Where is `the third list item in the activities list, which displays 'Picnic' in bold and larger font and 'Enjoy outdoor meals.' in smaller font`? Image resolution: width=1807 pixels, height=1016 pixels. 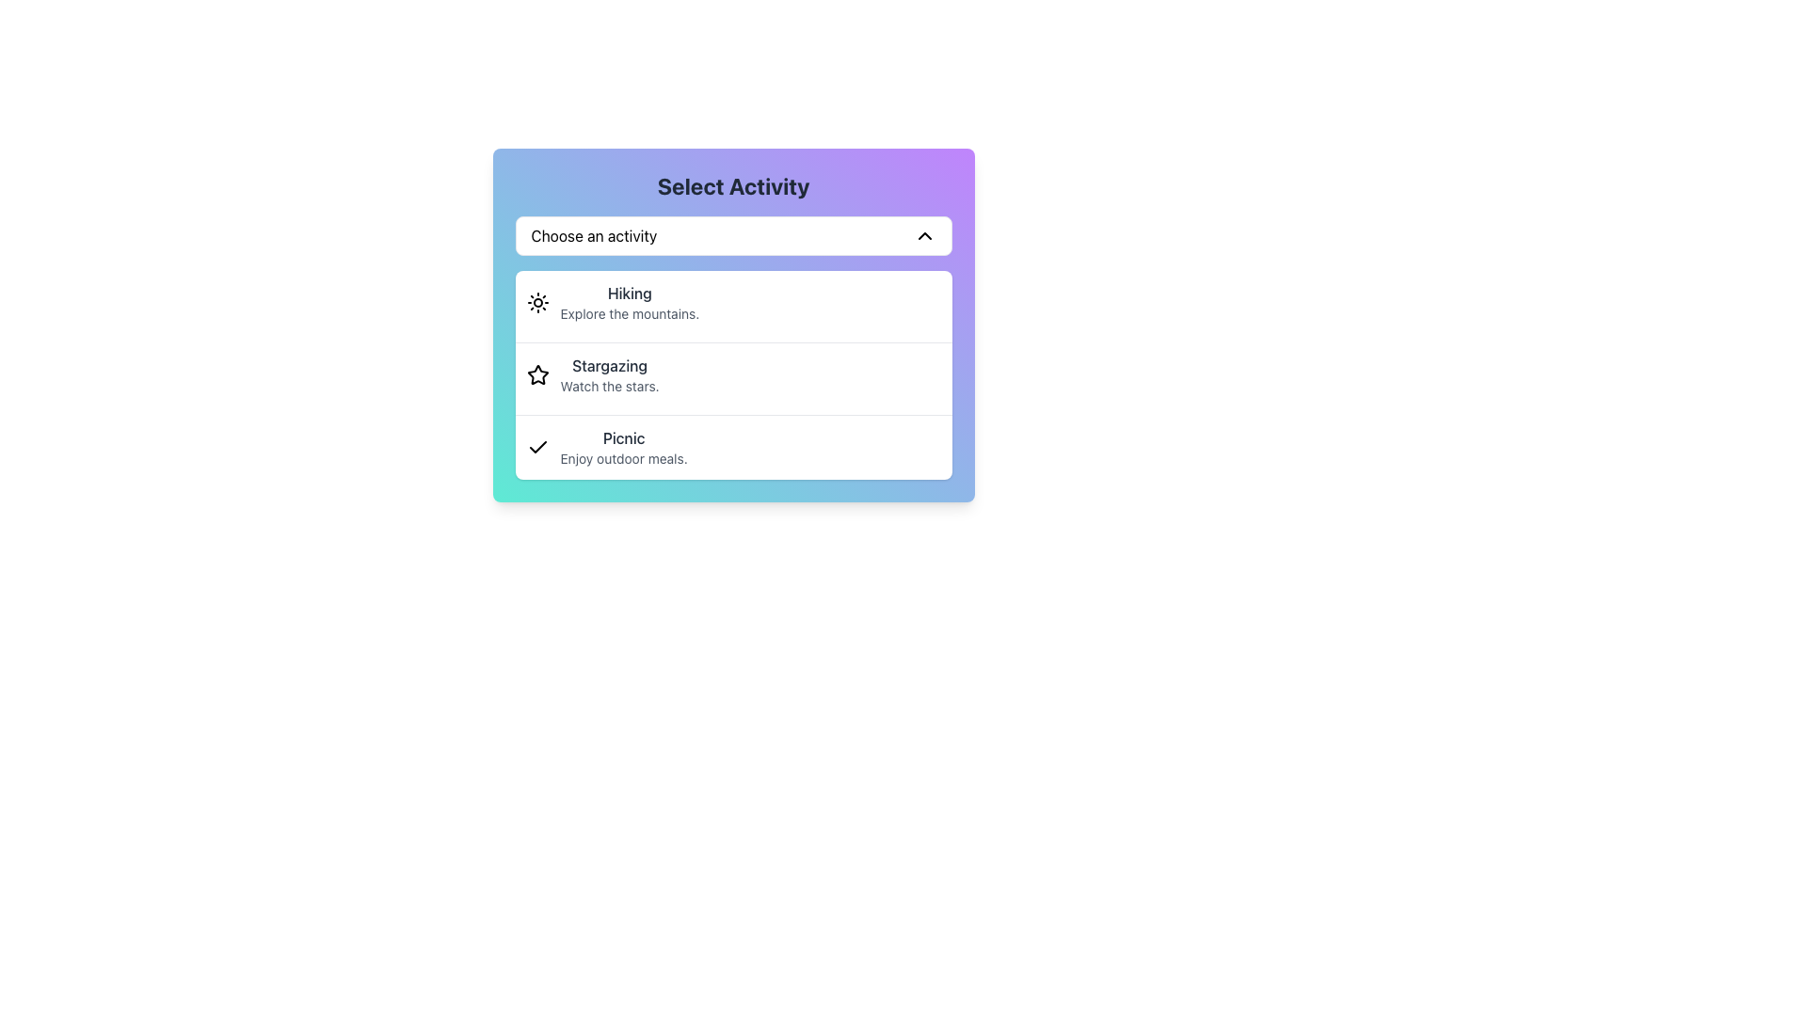
the third list item in the activities list, which displays 'Picnic' in bold and larger font and 'Enjoy outdoor meals.' in smaller font is located at coordinates (624, 447).